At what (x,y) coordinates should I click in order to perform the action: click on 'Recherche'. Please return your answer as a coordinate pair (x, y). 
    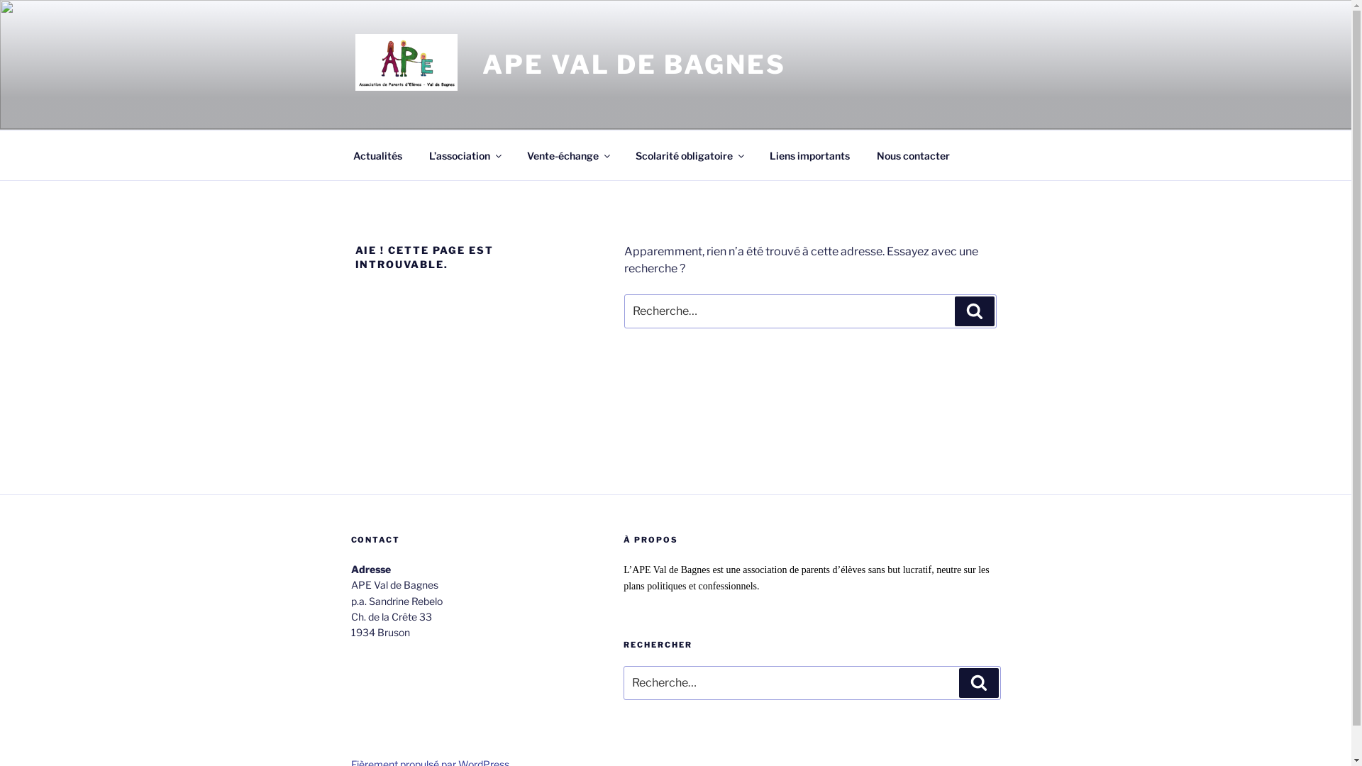
    Looking at the image, I should click on (973, 311).